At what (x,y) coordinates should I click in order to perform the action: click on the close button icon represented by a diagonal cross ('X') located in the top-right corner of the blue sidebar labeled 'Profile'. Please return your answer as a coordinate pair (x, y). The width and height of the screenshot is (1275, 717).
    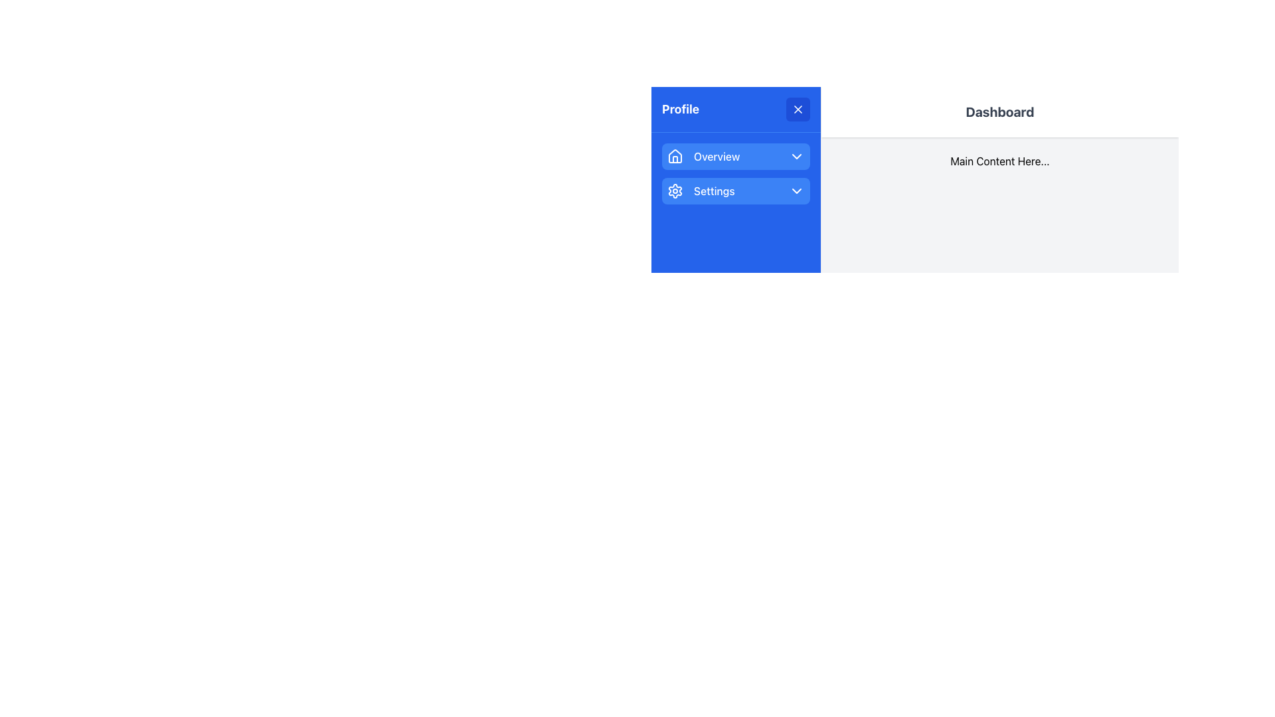
    Looking at the image, I should click on (797, 109).